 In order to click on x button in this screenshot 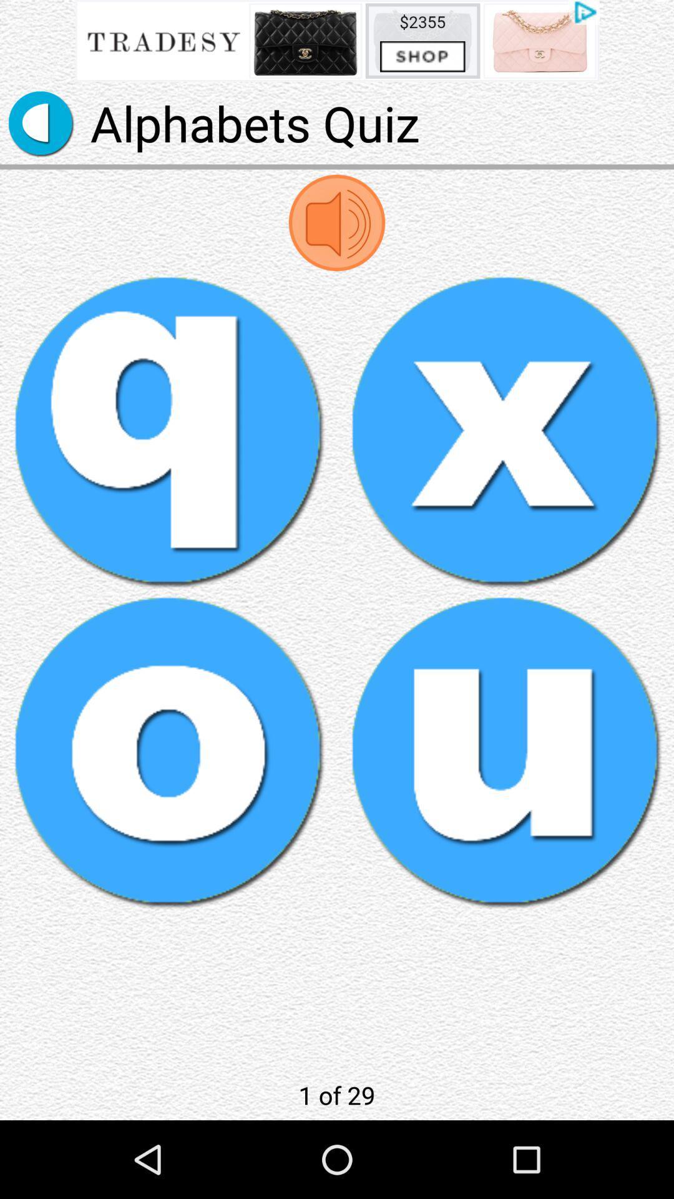, I will do `click(506, 431)`.